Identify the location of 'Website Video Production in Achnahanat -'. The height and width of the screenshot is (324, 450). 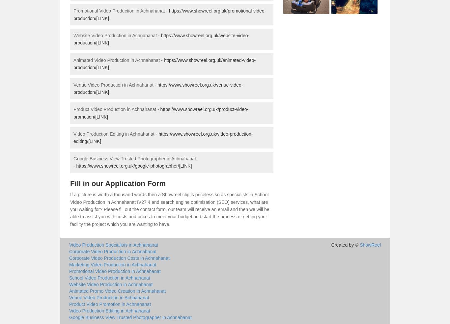
(117, 35).